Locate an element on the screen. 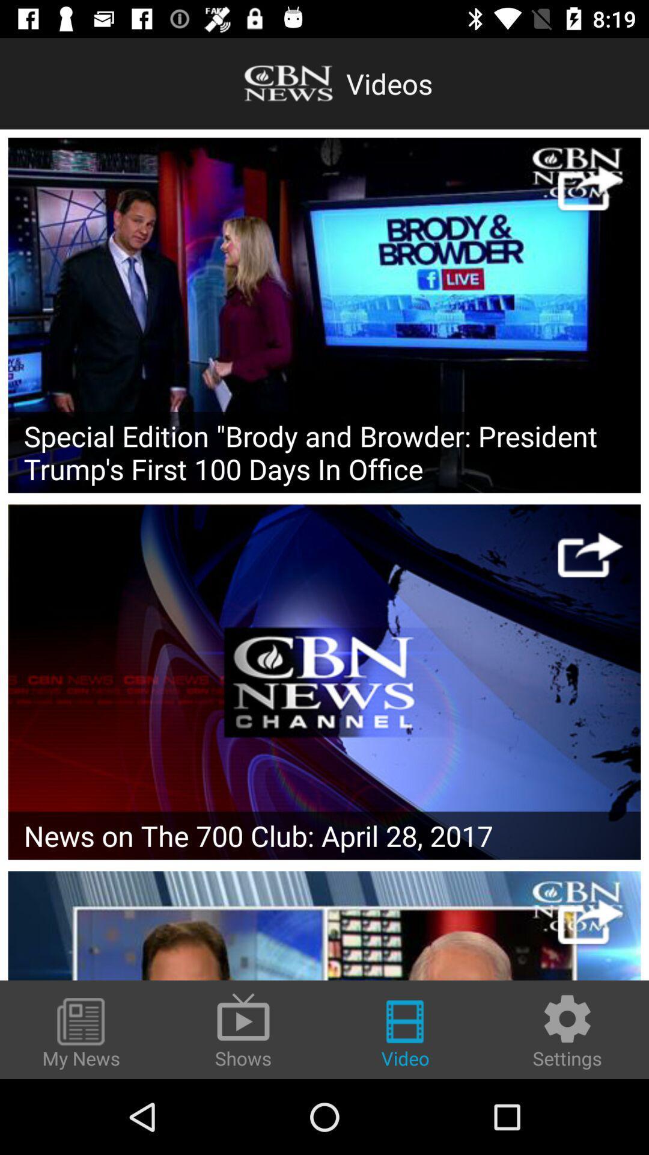 This screenshot has height=1155, width=649. share it is located at coordinates (590, 187).